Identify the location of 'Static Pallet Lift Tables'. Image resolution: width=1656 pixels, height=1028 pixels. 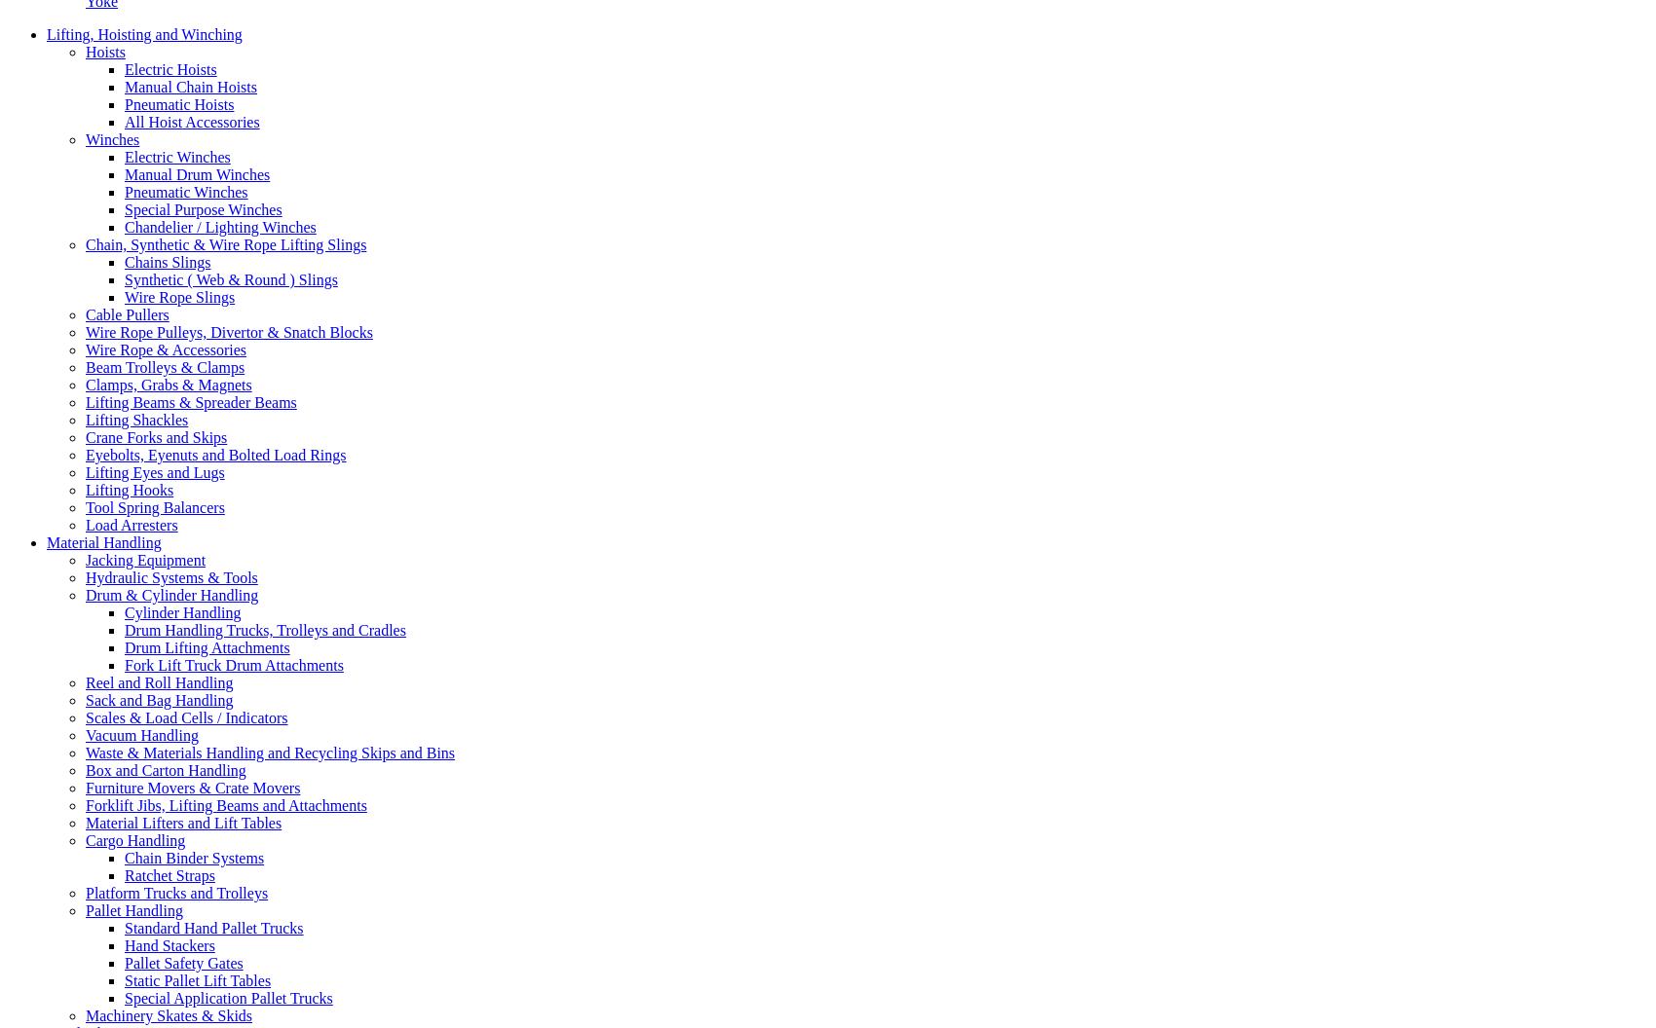
(124, 978).